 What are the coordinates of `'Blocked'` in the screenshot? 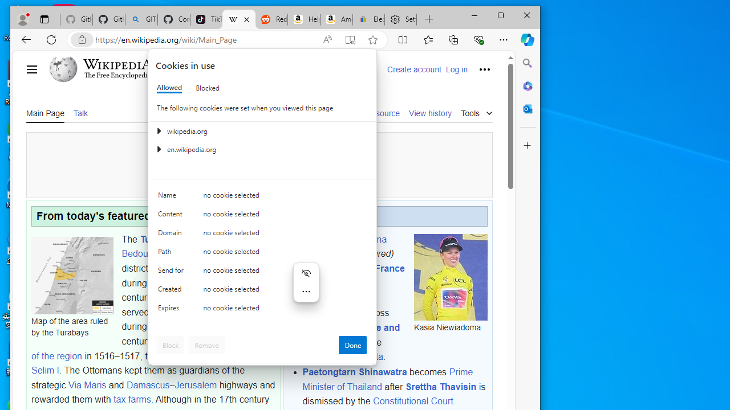 It's located at (208, 87).